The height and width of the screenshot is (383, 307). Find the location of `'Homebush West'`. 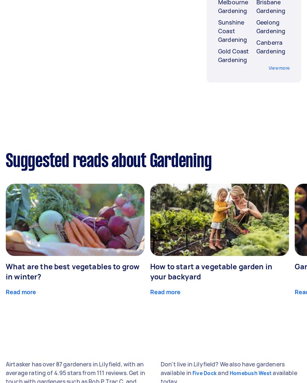

'Homebush West' is located at coordinates (250, 373).